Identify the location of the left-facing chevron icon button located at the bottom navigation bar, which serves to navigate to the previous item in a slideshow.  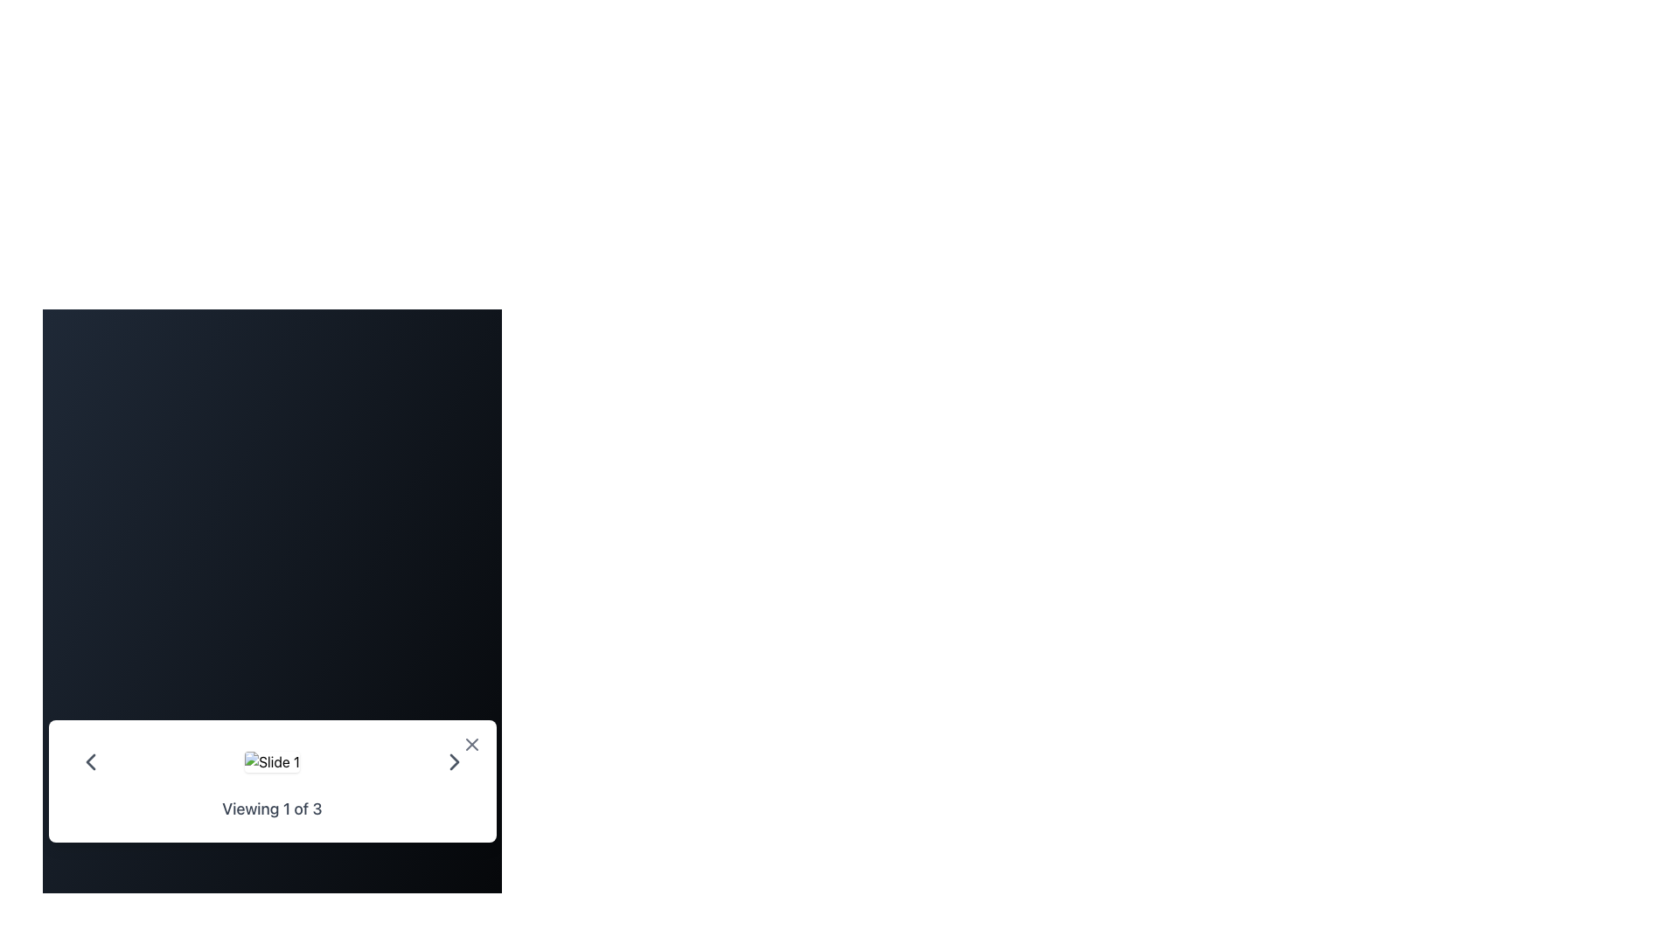
(89, 760).